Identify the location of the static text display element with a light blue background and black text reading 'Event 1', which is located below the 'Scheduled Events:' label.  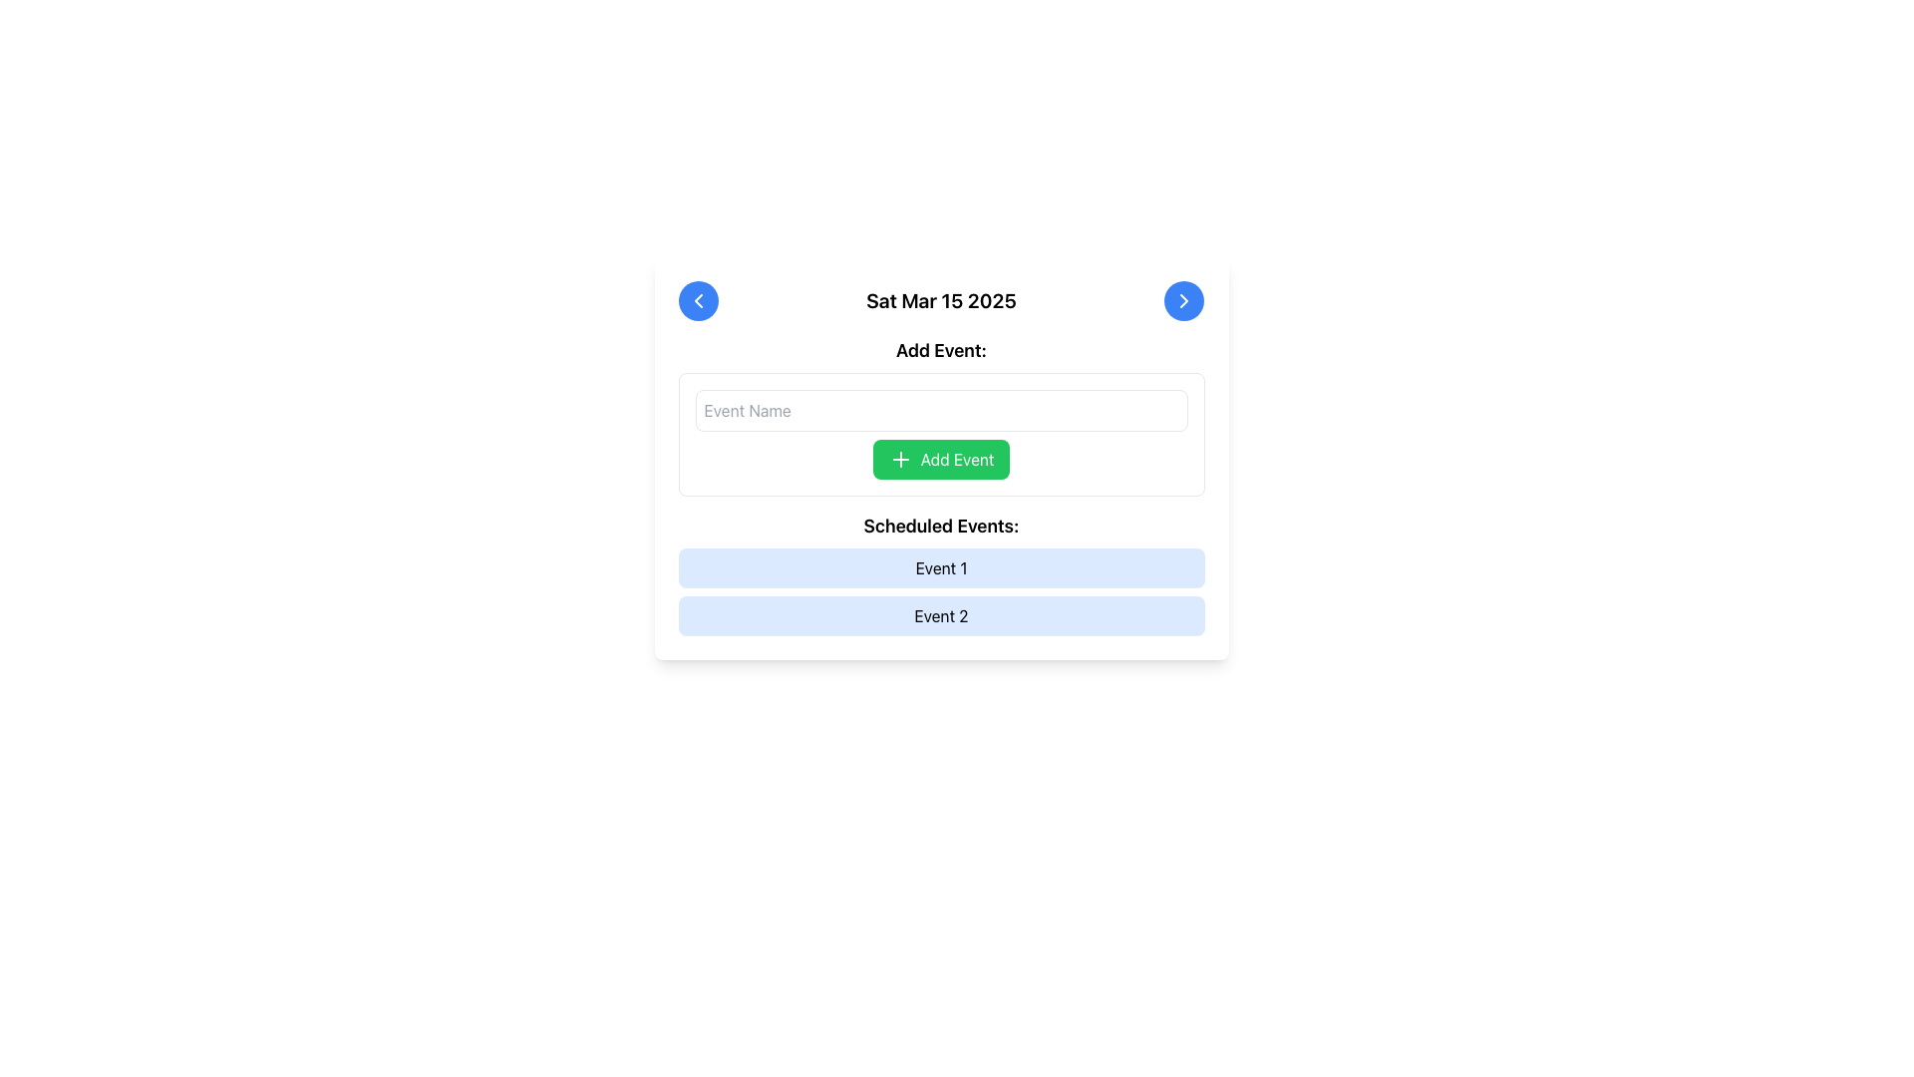
(940, 568).